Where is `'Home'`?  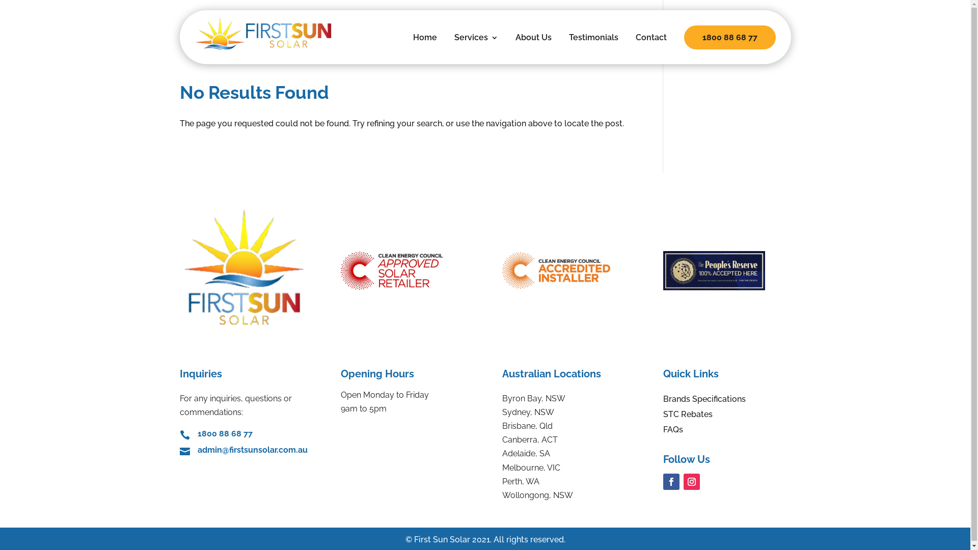 'Home' is located at coordinates (424, 44).